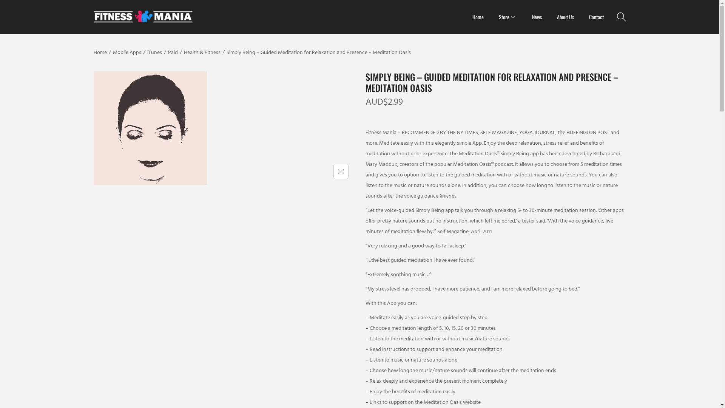 The image size is (725, 408). Describe the element at coordinates (172, 52) in the screenshot. I see `'Paid'` at that location.